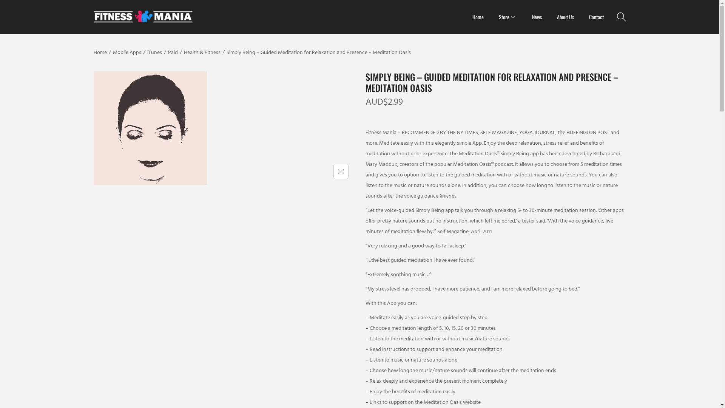 The image size is (725, 408). Describe the element at coordinates (172, 52) in the screenshot. I see `'Paid'` at that location.